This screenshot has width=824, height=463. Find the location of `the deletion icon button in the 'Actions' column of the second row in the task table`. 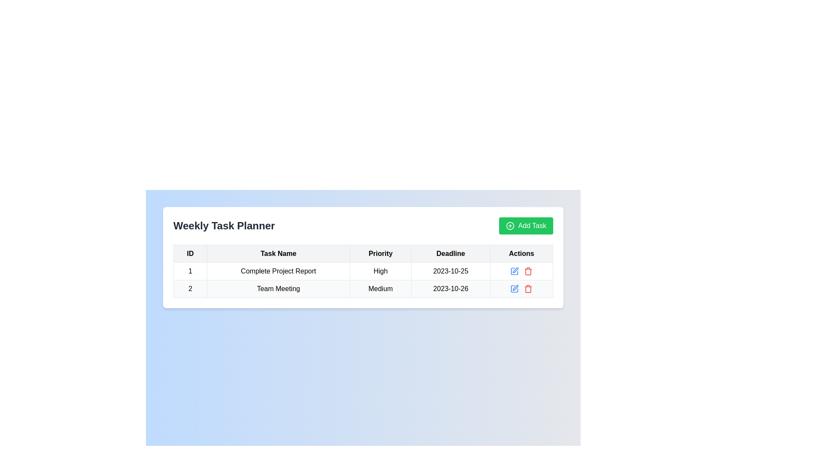

the deletion icon button in the 'Actions' column of the second row in the task table is located at coordinates (528, 271).